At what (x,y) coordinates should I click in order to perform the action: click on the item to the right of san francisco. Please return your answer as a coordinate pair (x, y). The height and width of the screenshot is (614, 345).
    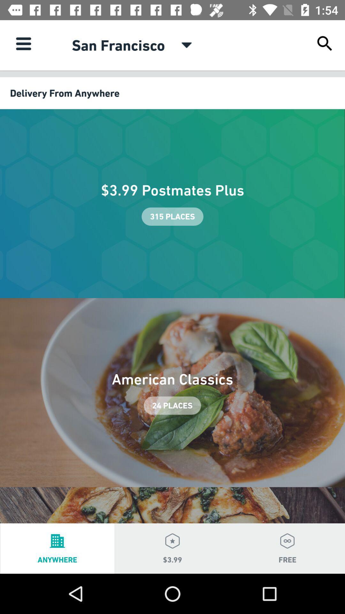
    Looking at the image, I should click on (187, 45).